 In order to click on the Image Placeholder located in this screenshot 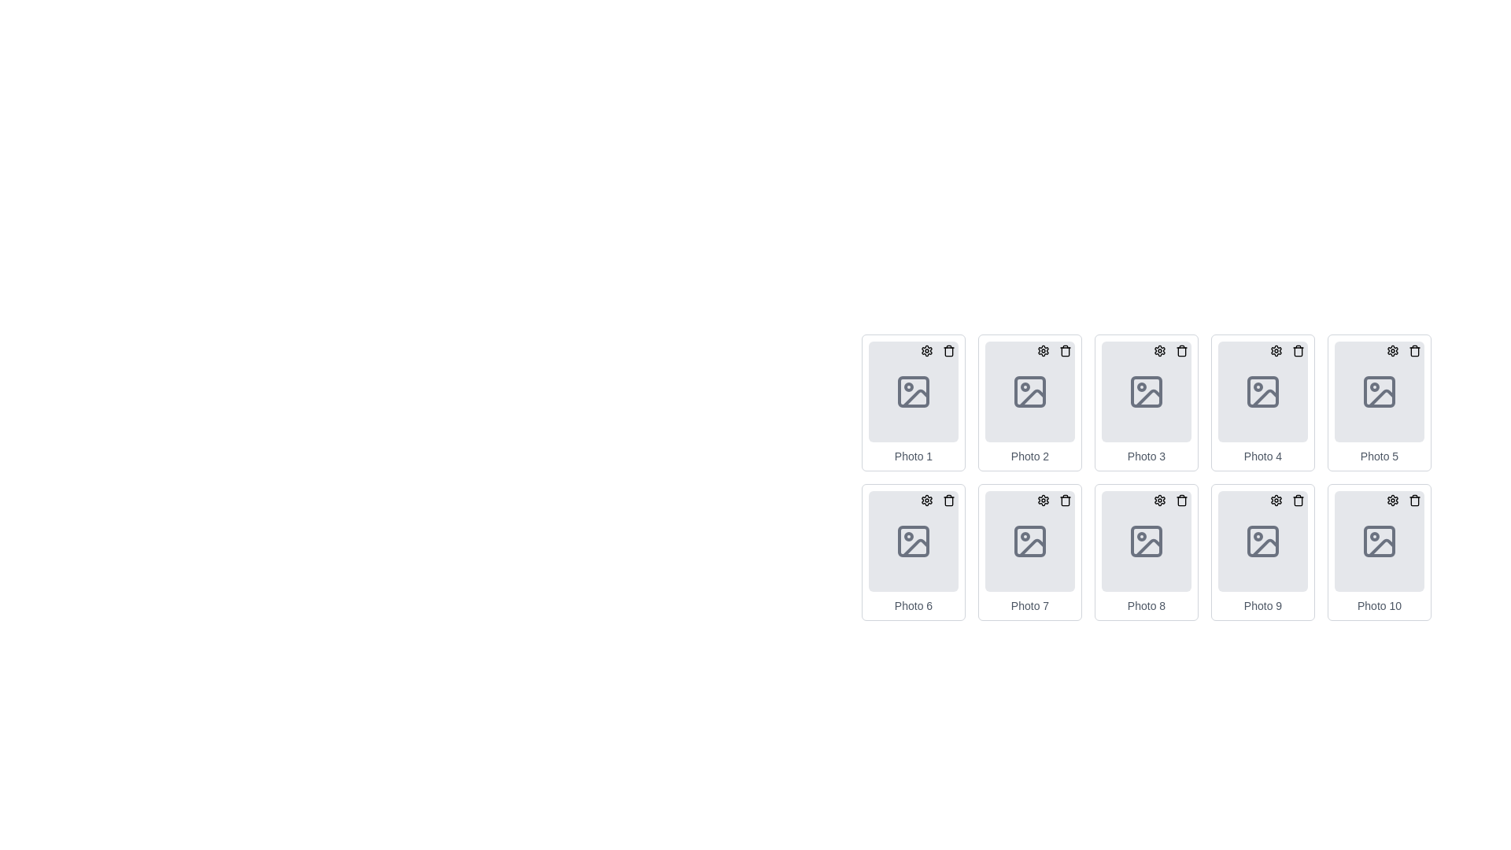, I will do `click(1262, 540)`.